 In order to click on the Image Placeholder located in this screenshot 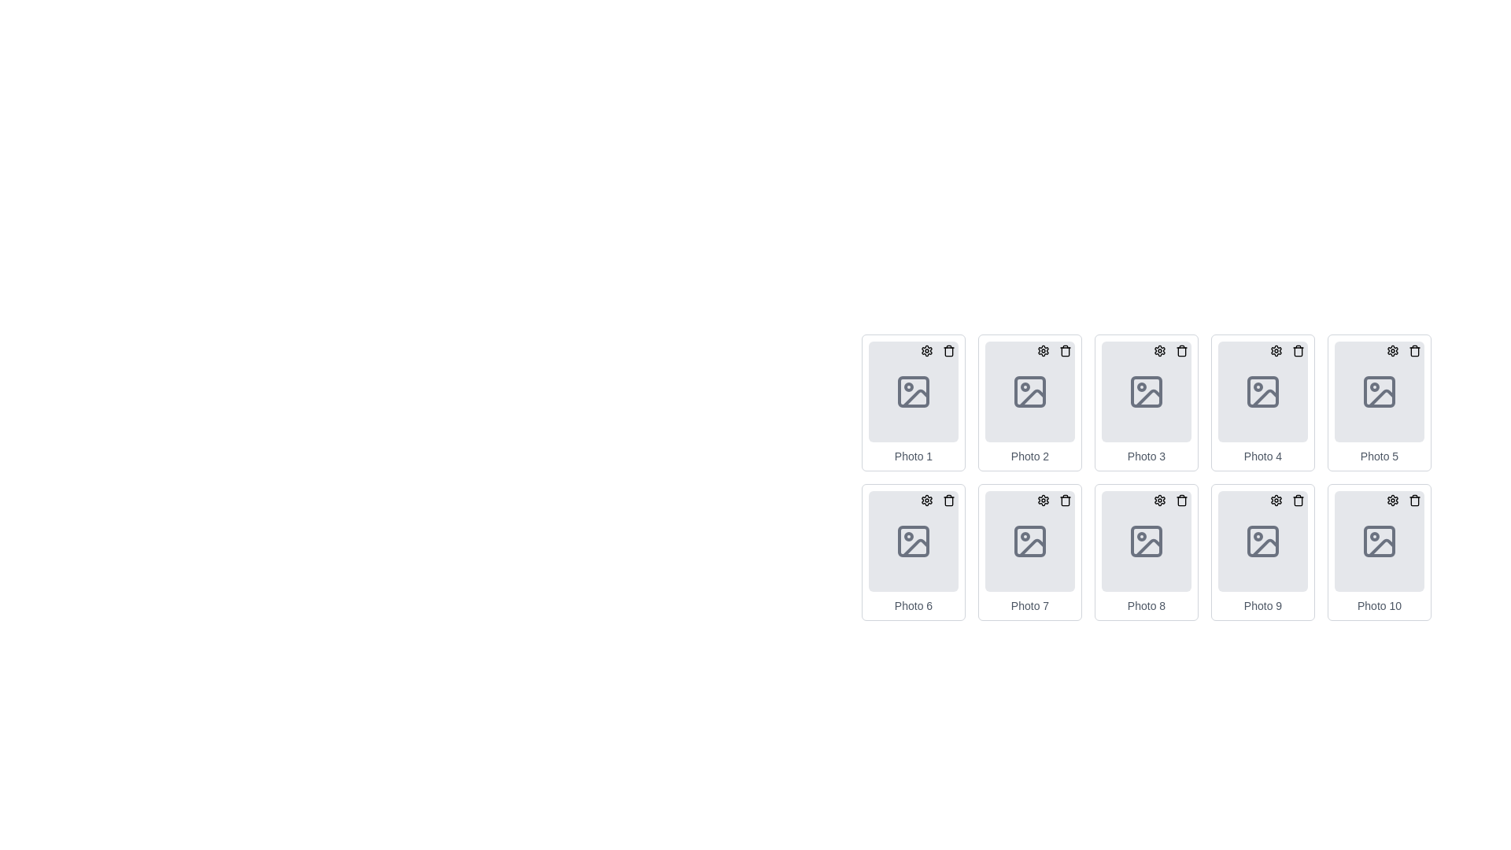, I will do `click(1262, 540)`.